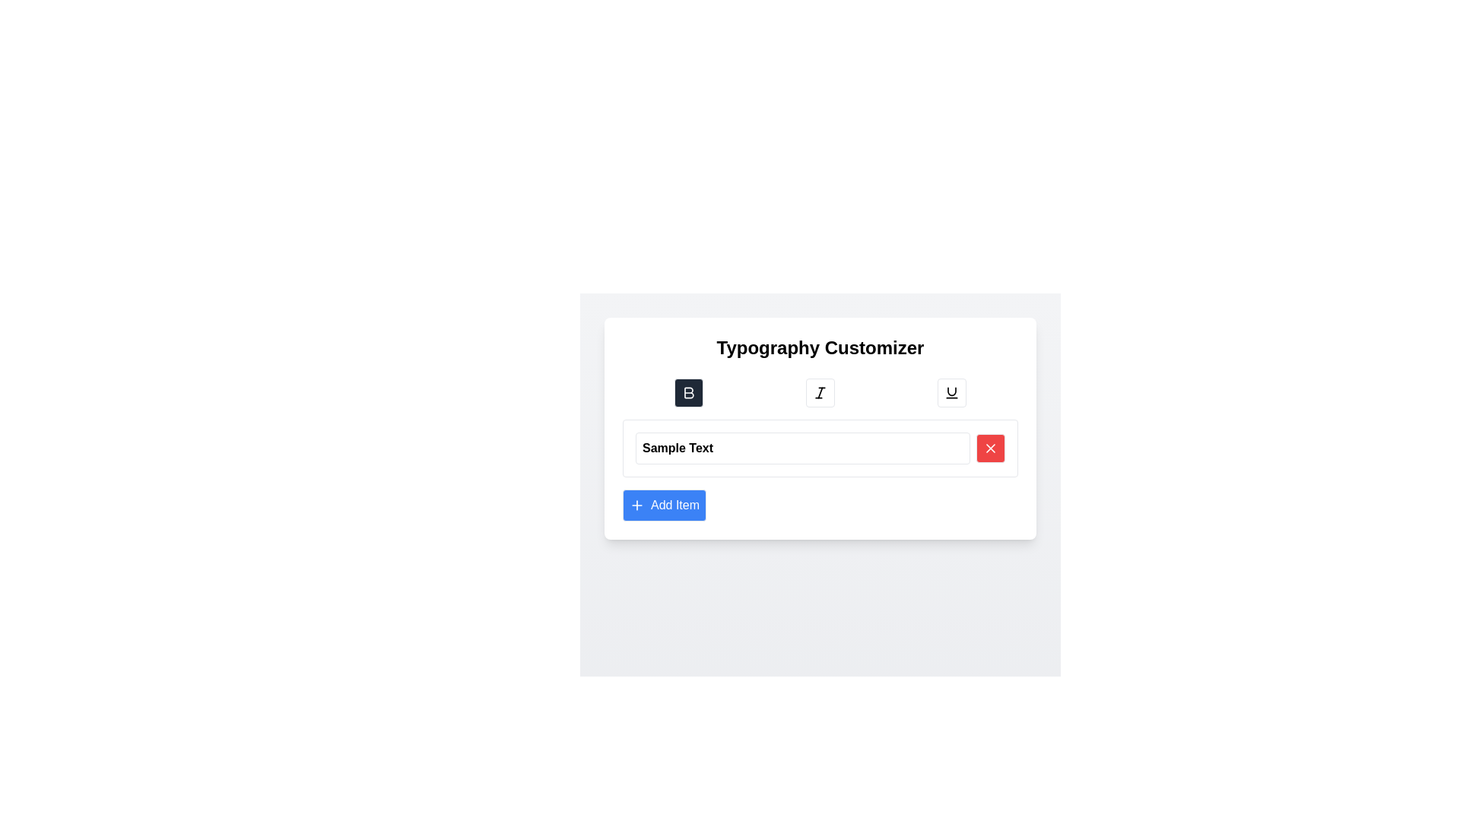 The image size is (1460, 821). What do you see at coordinates (990, 448) in the screenshot?
I see `the red button with a cross (X) icon in the bottom-right corner of the white card containing the 'Sample Text' input field` at bounding box center [990, 448].